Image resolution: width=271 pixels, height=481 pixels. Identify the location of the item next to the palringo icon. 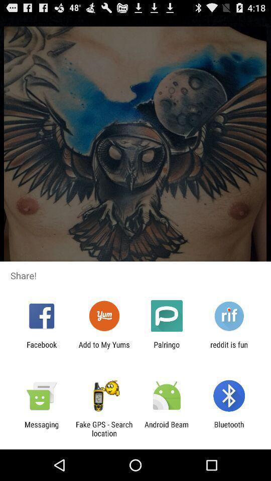
(103, 349).